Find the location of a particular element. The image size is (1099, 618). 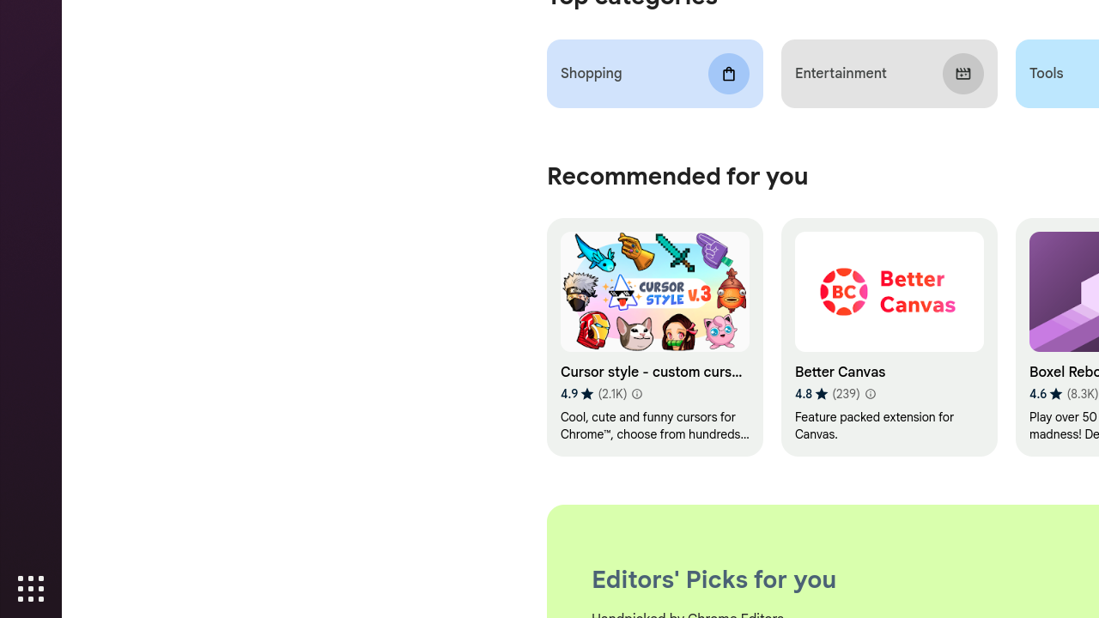

'Better Canvas' is located at coordinates (889, 337).